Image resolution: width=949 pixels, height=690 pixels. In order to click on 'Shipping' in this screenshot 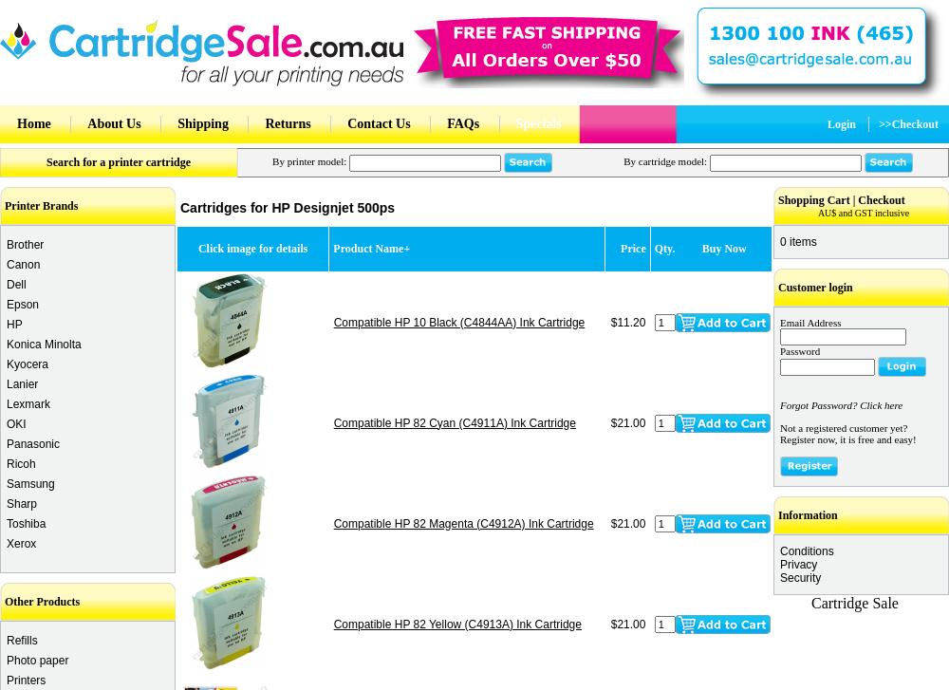, I will do `click(201, 123)`.